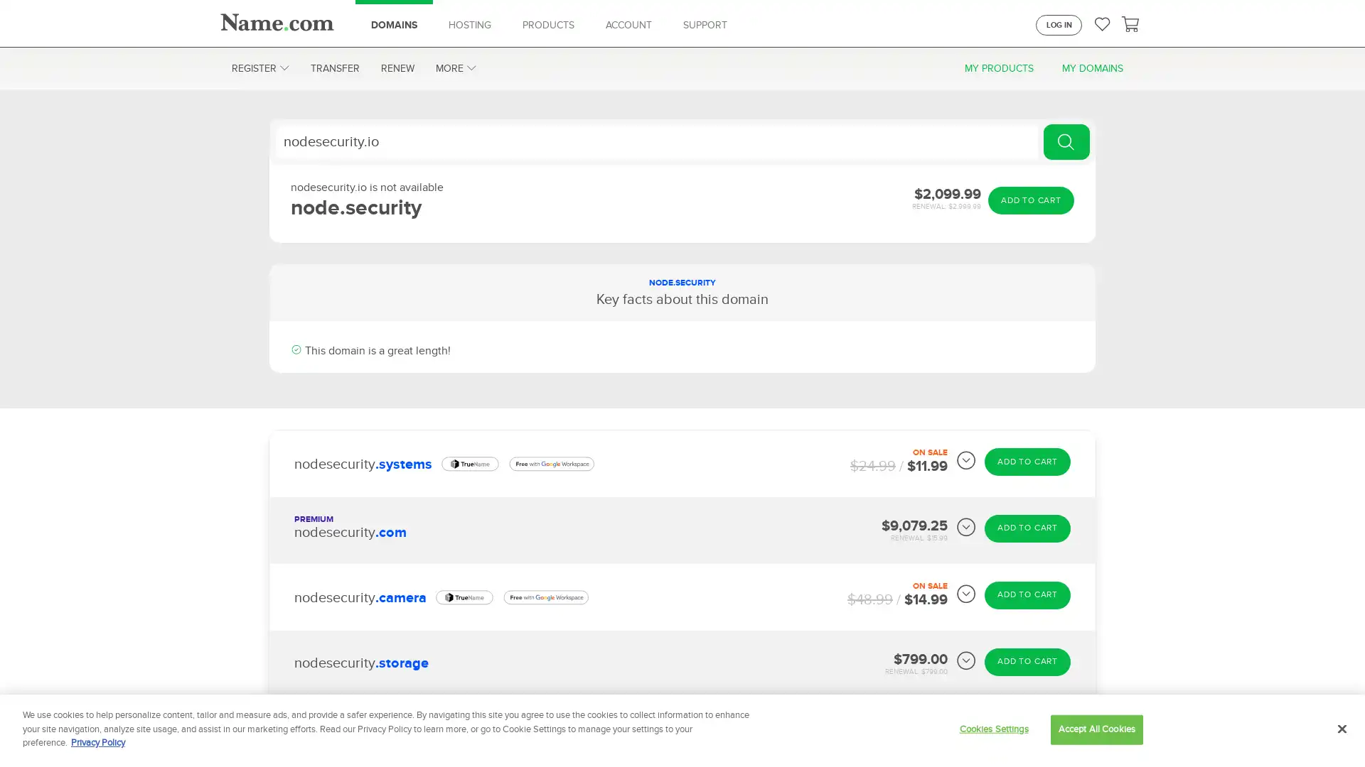  I want to click on Close, so click(1341, 729).